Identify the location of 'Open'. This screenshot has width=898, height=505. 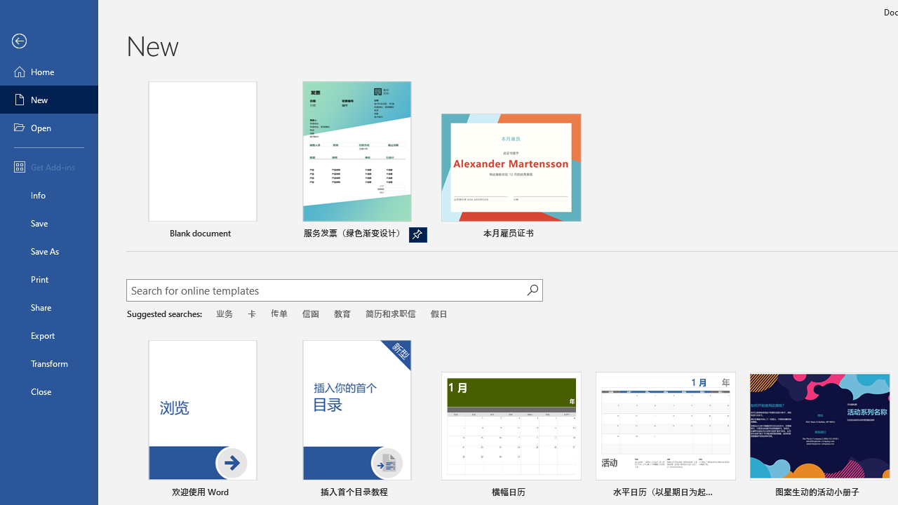
(48, 128).